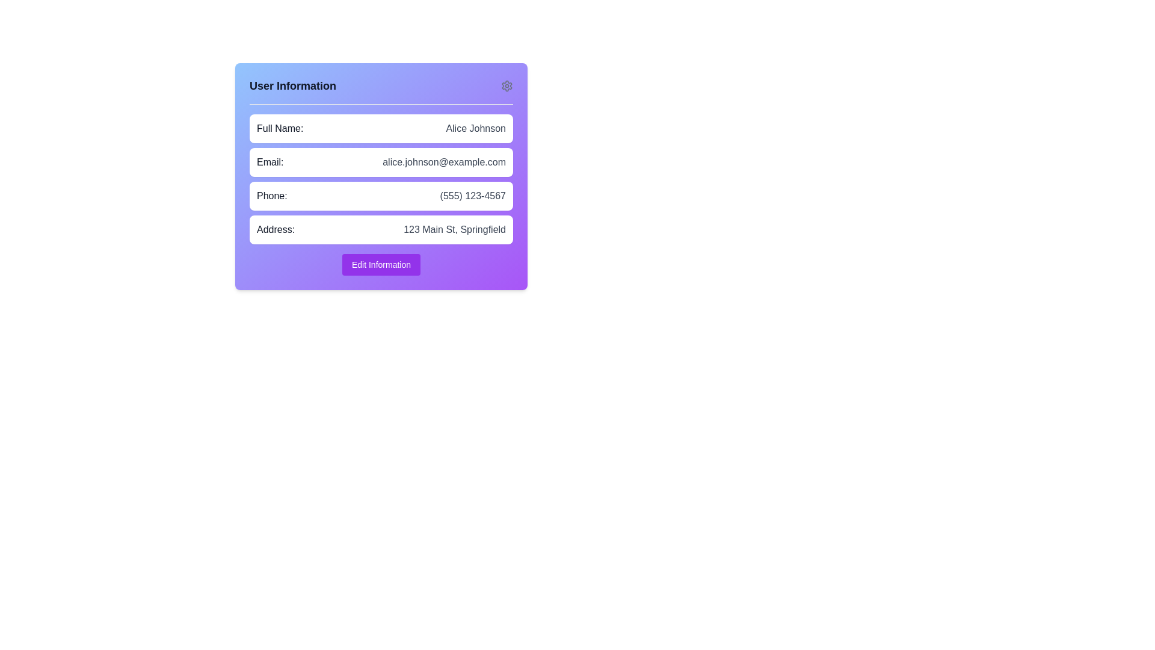 The width and height of the screenshot is (1155, 650). I want to click on the prominent purple gradient button labeled 'Edit Information' located at the bottom of the user information card, so click(380, 264).